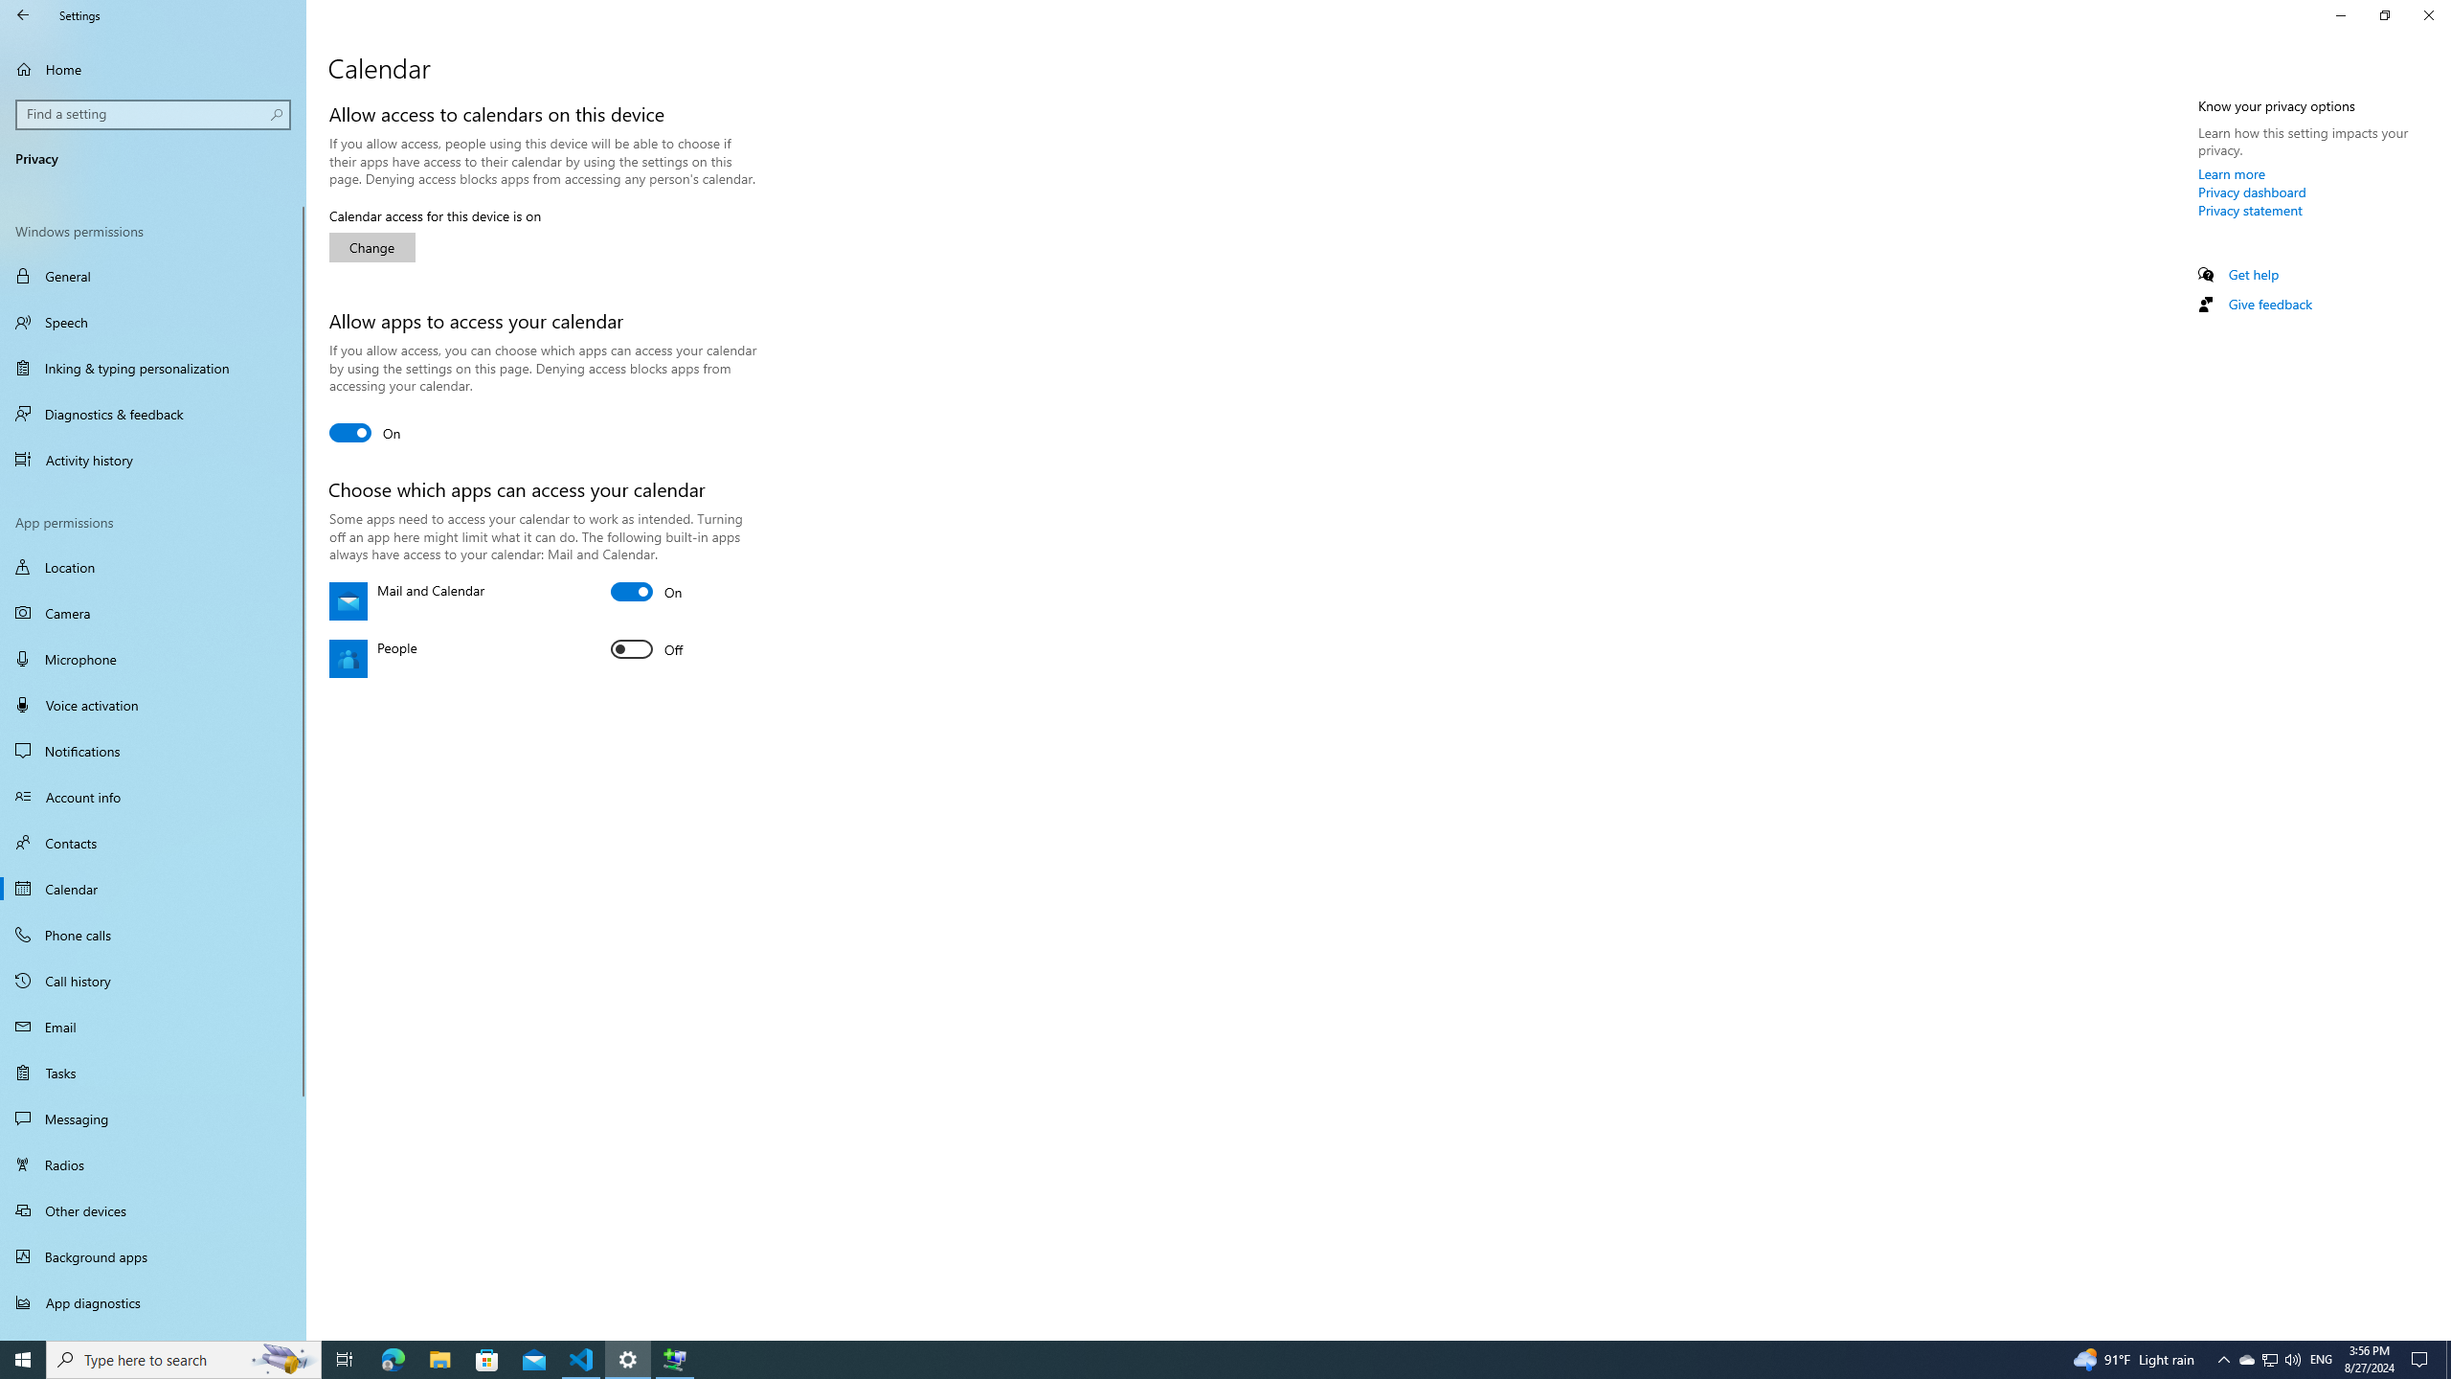 Image resolution: width=2451 pixels, height=1379 pixels. Describe the element at coordinates (152, 459) in the screenshot. I see `'Activity history'` at that location.